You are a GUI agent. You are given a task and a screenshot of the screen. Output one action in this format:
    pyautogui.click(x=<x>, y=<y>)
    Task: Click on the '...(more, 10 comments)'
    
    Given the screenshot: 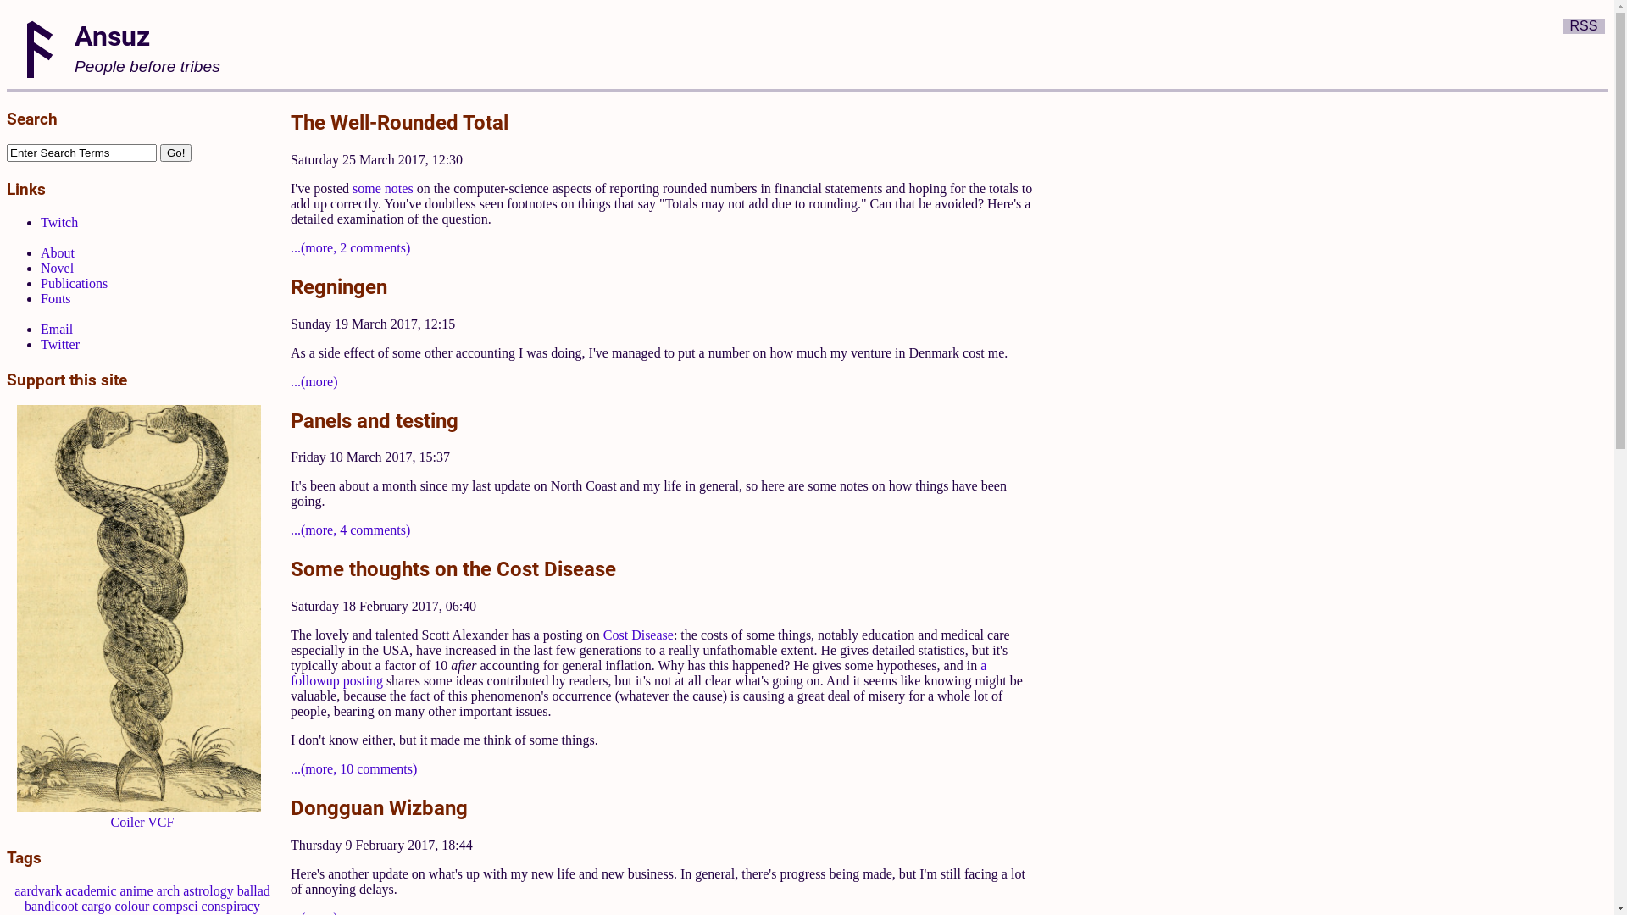 What is the action you would take?
    pyautogui.click(x=353, y=768)
    